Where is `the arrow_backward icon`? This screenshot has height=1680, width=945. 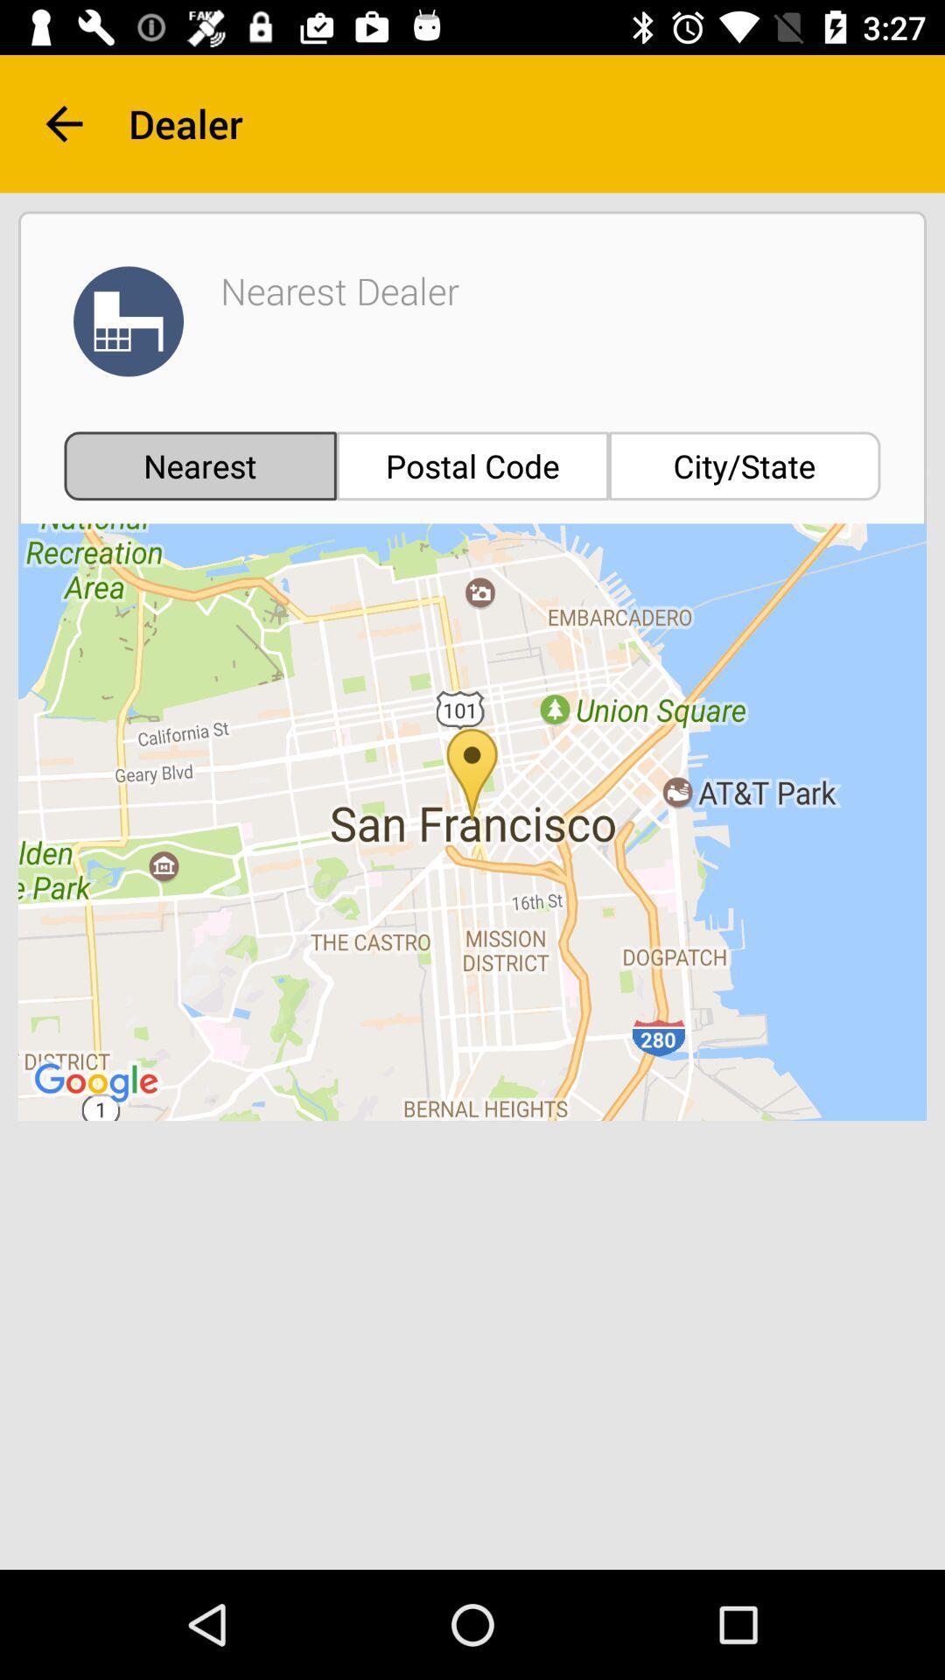 the arrow_backward icon is located at coordinates (63, 122).